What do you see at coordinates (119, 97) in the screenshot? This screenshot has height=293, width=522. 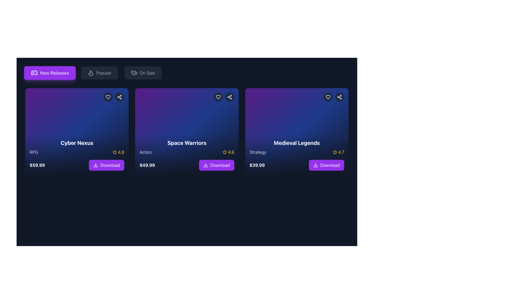 I see `the share icon button located in the top-right corner of the first card in the content grid` at bounding box center [119, 97].